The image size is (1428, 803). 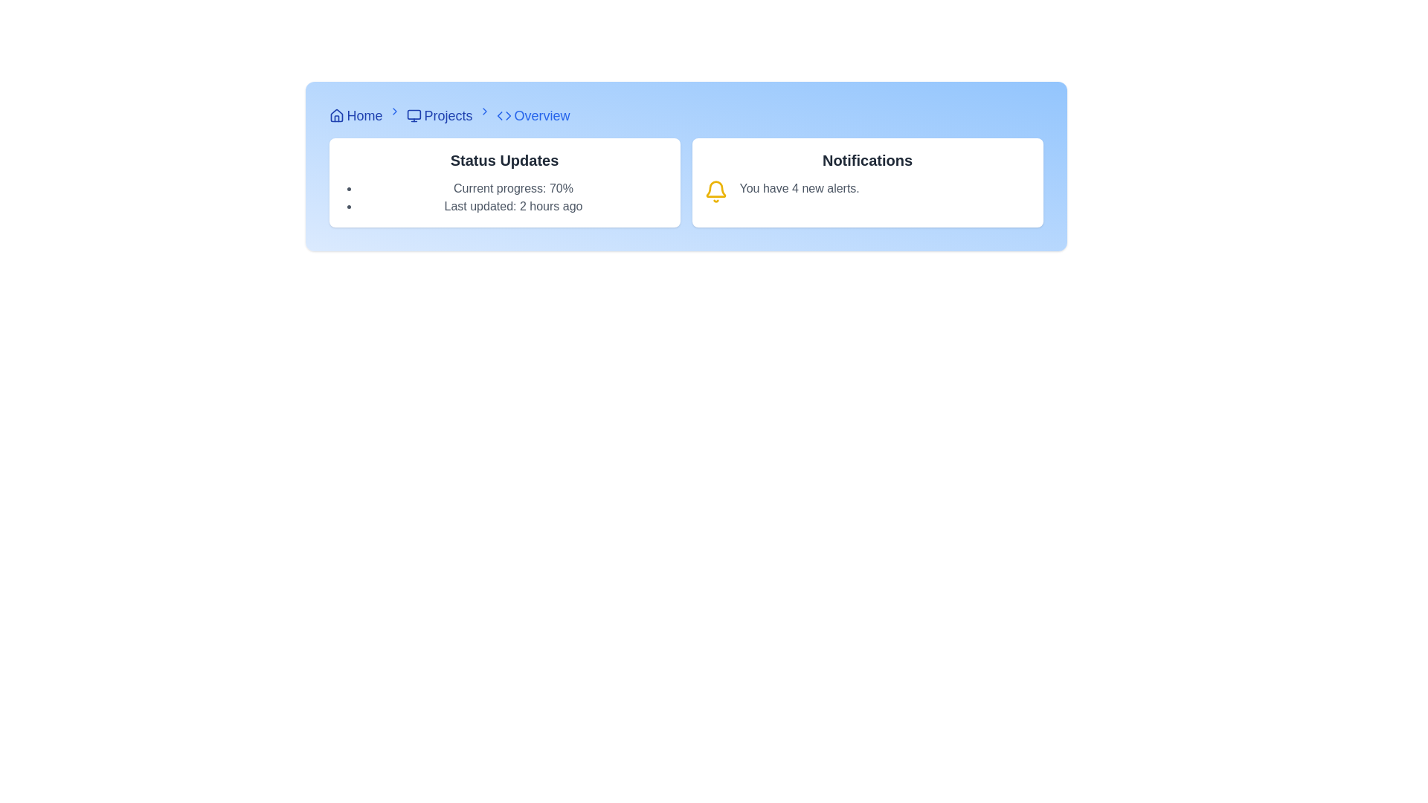 I want to click on the right-pointing chevron icon in the breadcrumb navigation bar, which is styled with a blue stroke and positioned between the 'Home' and 'Projects' links, so click(x=394, y=111).